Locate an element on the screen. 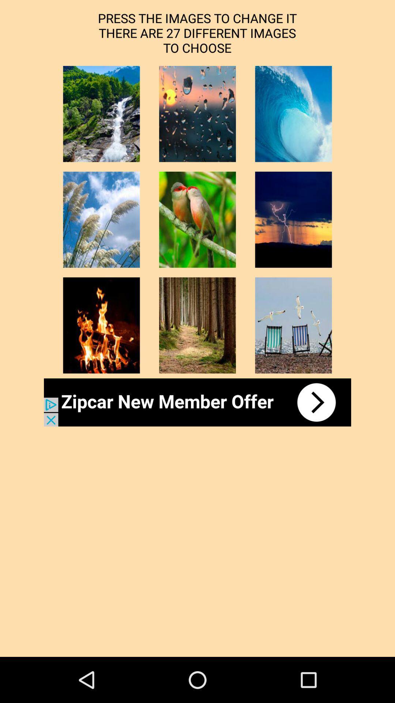 Image resolution: width=395 pixels, height=703 pixels. image is located at coordinates (197, 114).